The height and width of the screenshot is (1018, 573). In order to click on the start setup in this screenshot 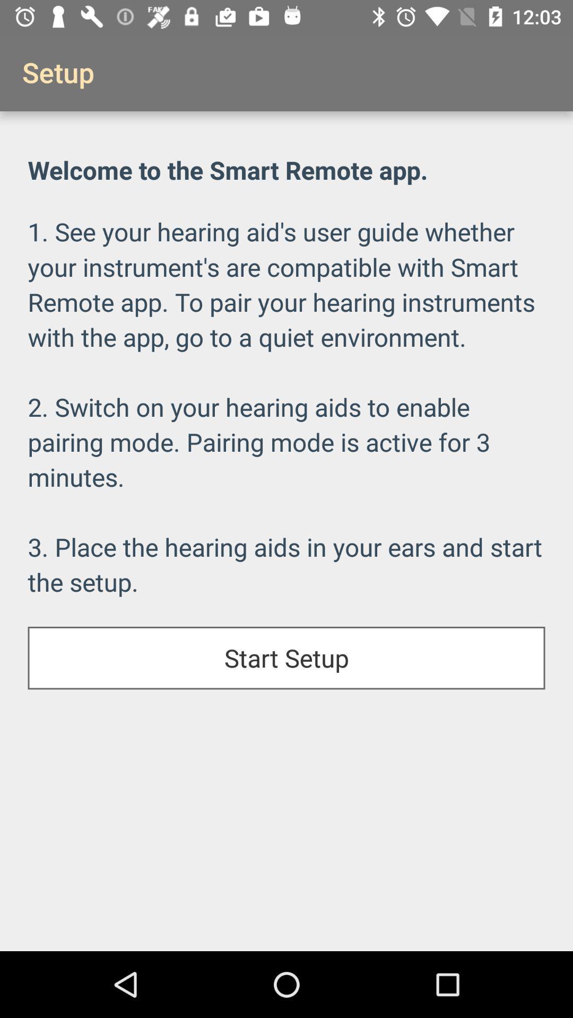, I will do `click(286, 657)`.